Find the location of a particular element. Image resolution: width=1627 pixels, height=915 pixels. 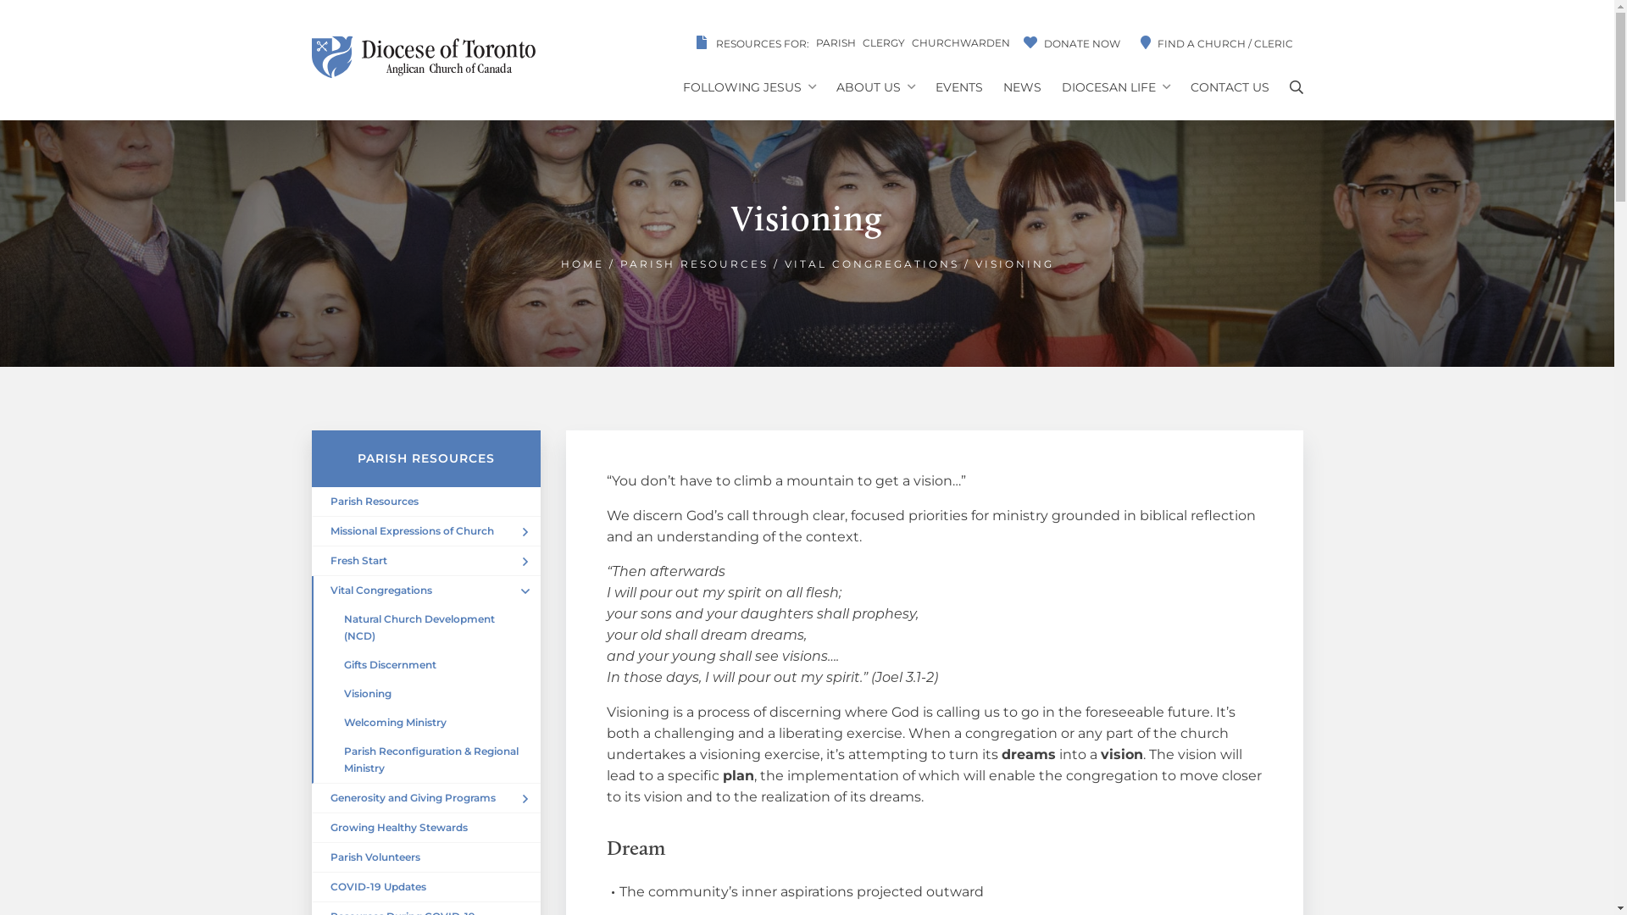

'DONATE NOW' is located at coordinates (1071, 42).